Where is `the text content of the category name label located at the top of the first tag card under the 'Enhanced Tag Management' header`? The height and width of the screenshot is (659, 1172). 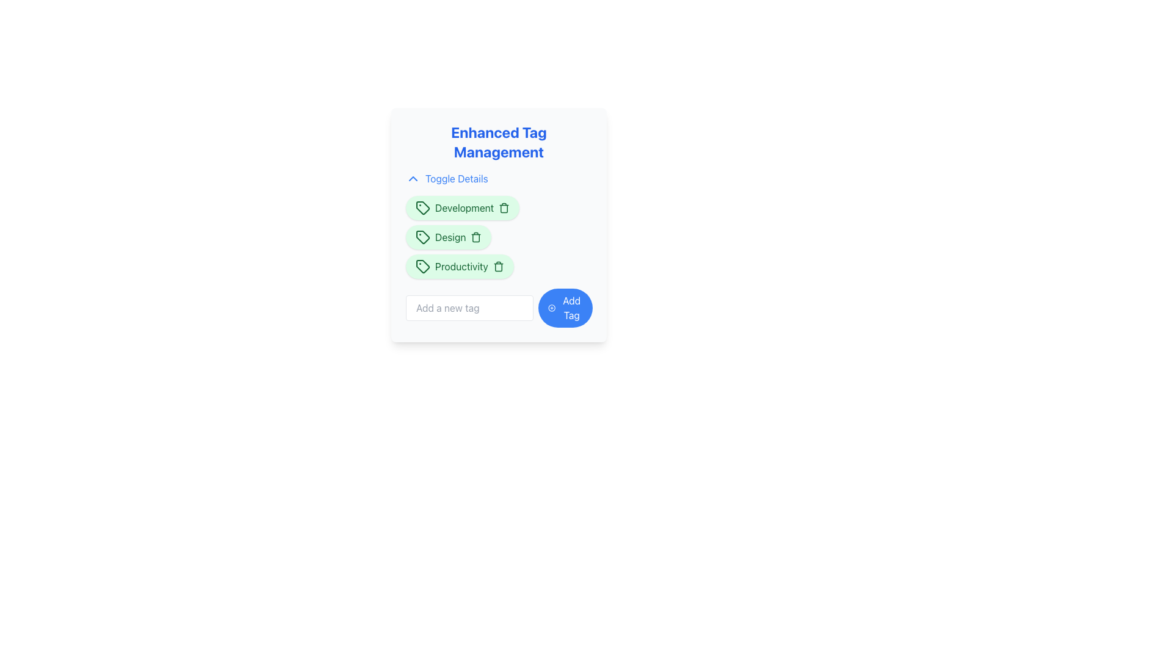
the text content of the category name label located at the top of the first tag card under the 'Enhanced Tag Management' header is located at coordinates (464, 207).